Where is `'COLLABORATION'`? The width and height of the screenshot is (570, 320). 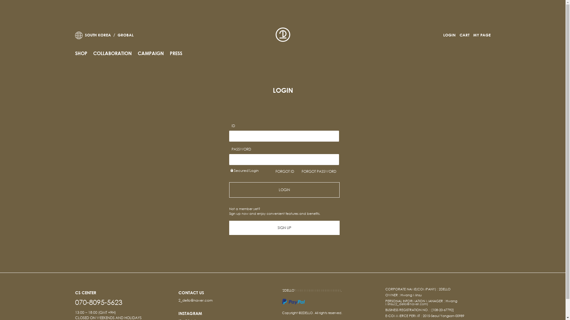
'COLLABORATION' is located at coordinates (113, 53).